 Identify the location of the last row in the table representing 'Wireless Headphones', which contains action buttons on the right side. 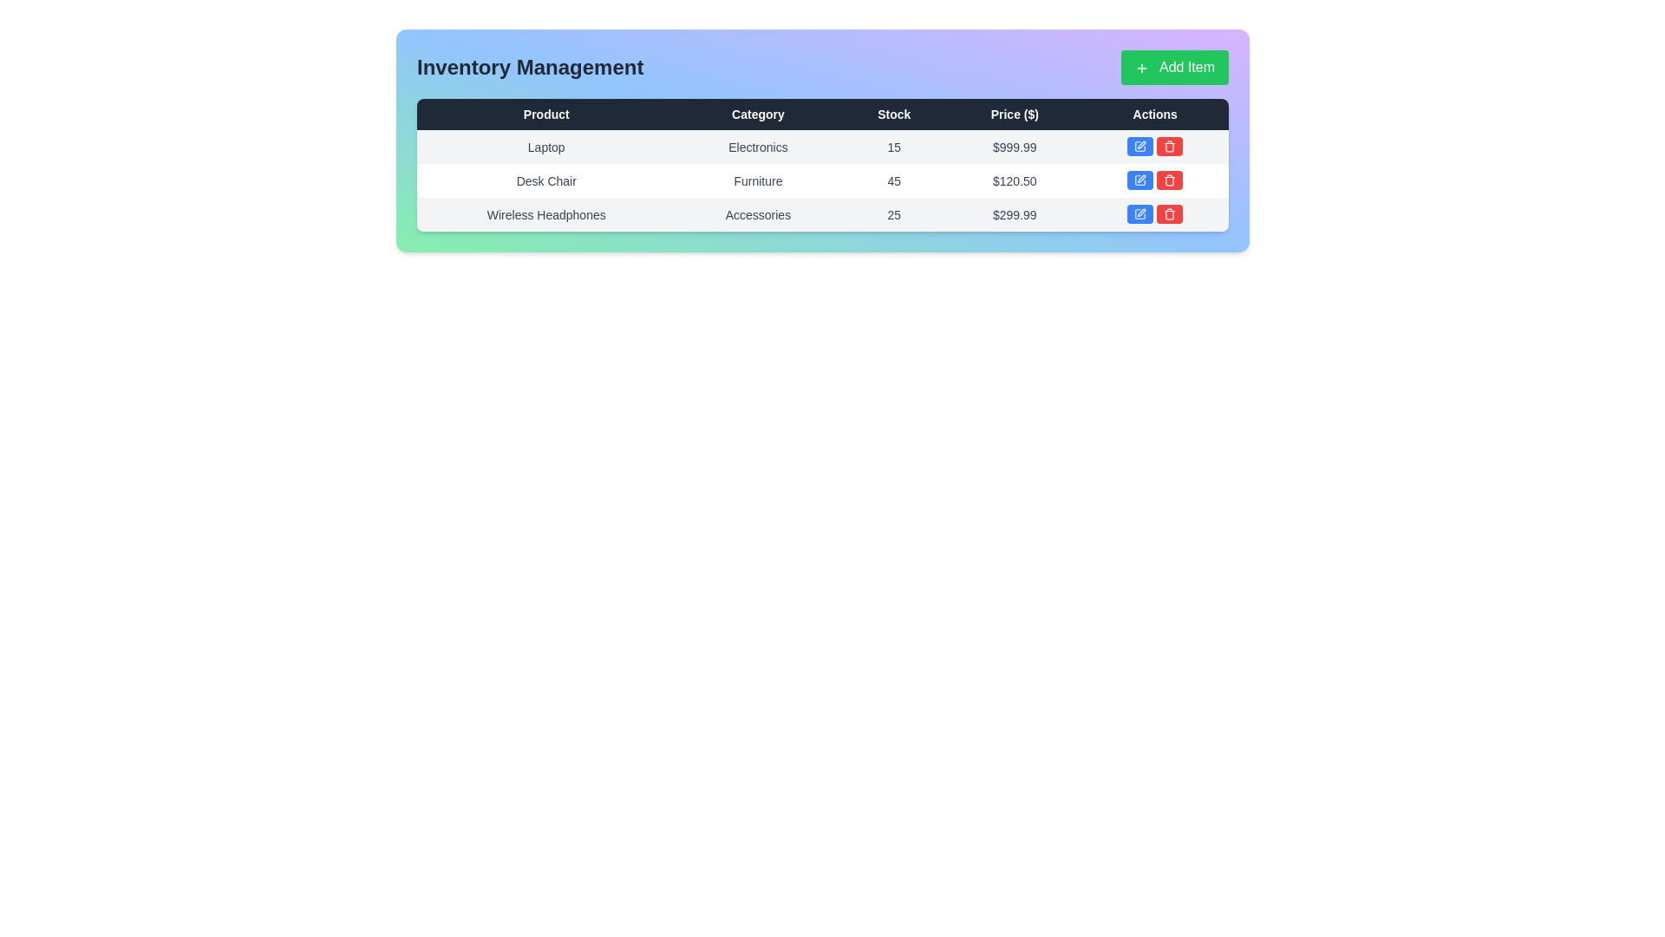
(822, 213).